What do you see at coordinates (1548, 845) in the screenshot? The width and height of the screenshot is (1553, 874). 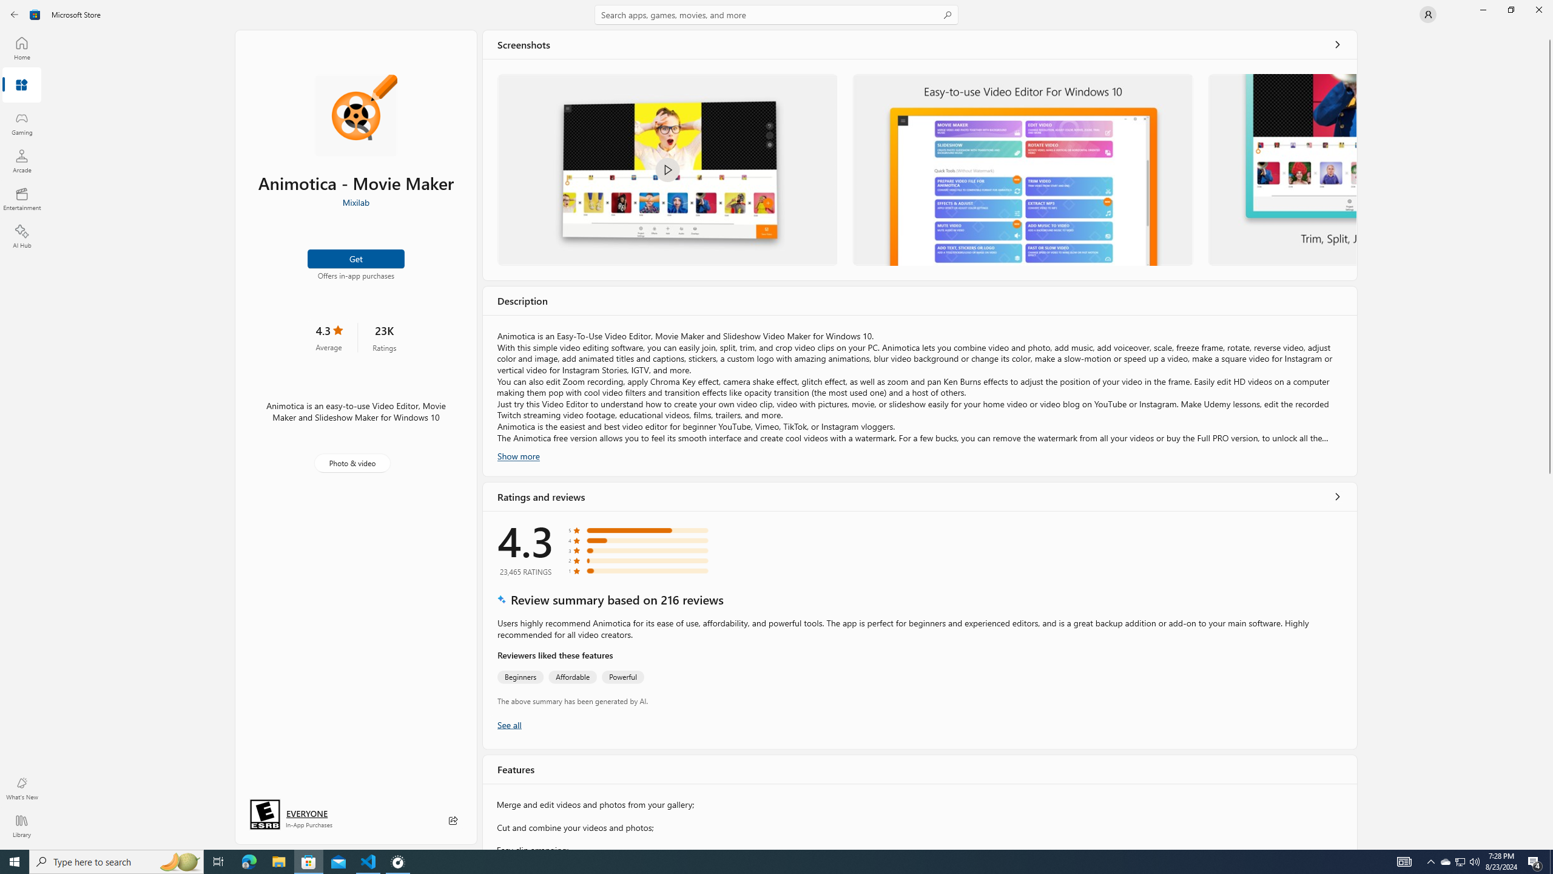 I see `'Vertical Small Increase'` at bounding box center [1548, 845].